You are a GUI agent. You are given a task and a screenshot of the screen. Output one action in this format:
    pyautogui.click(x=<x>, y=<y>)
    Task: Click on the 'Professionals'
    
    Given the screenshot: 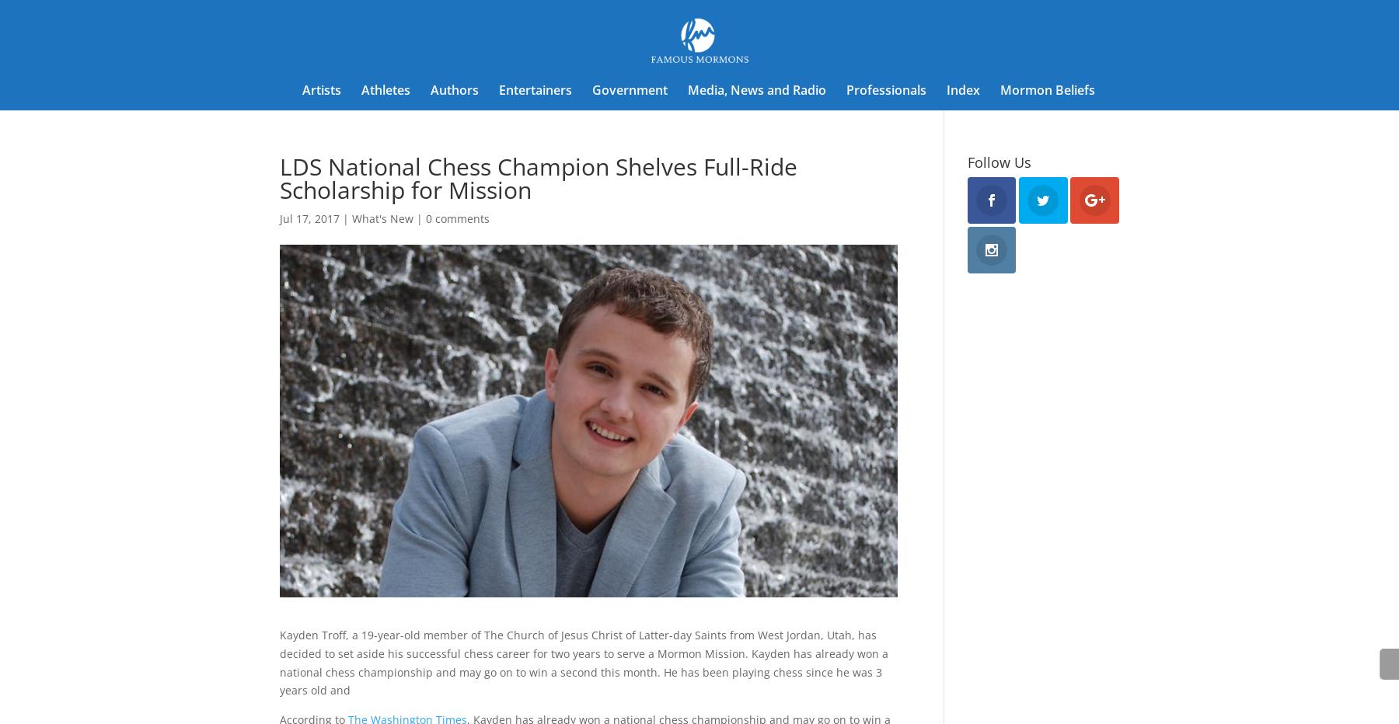 What is the action you would take?
    pyautogui.click(x=885, y=90)
    